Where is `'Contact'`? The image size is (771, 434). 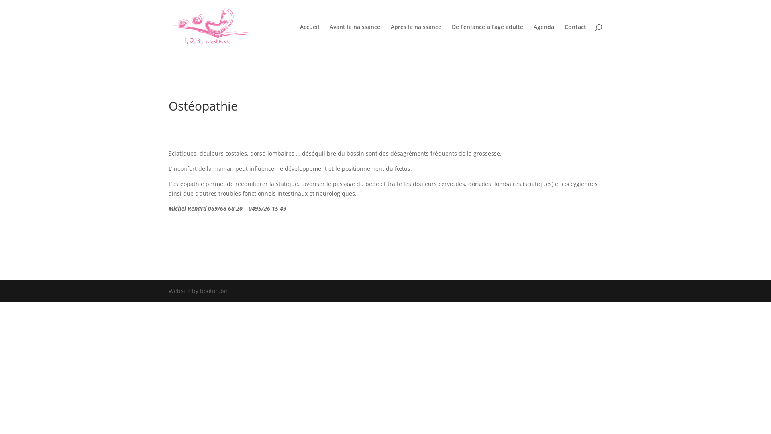 'Contact' is located at coordinates (575, 39).